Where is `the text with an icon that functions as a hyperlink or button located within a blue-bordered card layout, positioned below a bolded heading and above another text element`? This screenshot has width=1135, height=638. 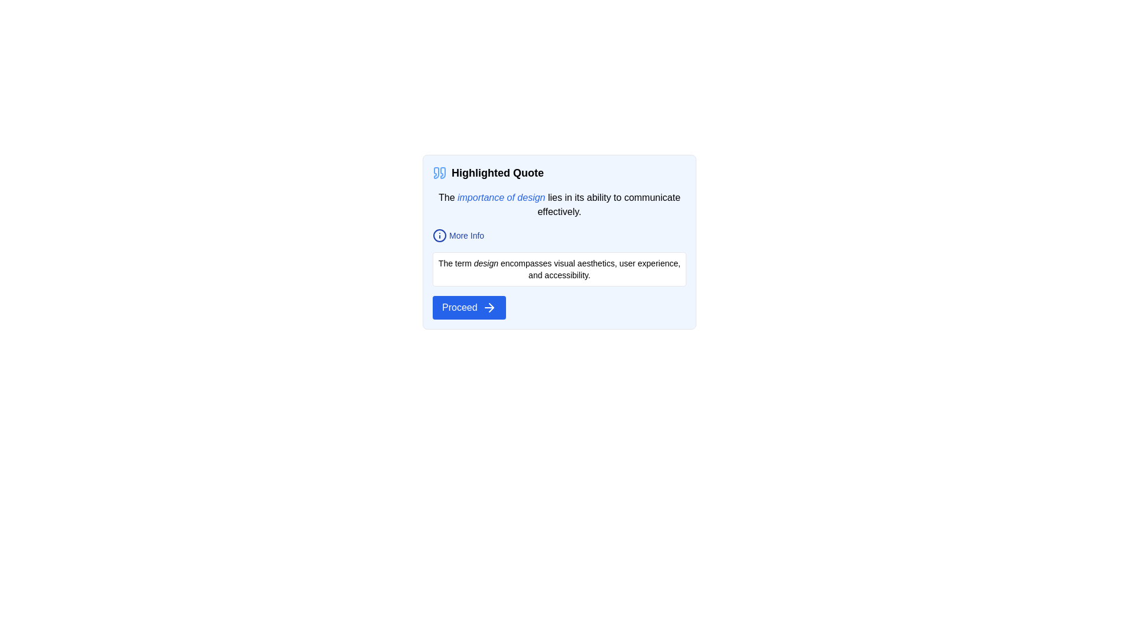 the text with an icon that functions as a hyperlink or button located within a blue-bordered card layout, positioned below a bolded heading and above another text element is located at coordinates (458, 235).